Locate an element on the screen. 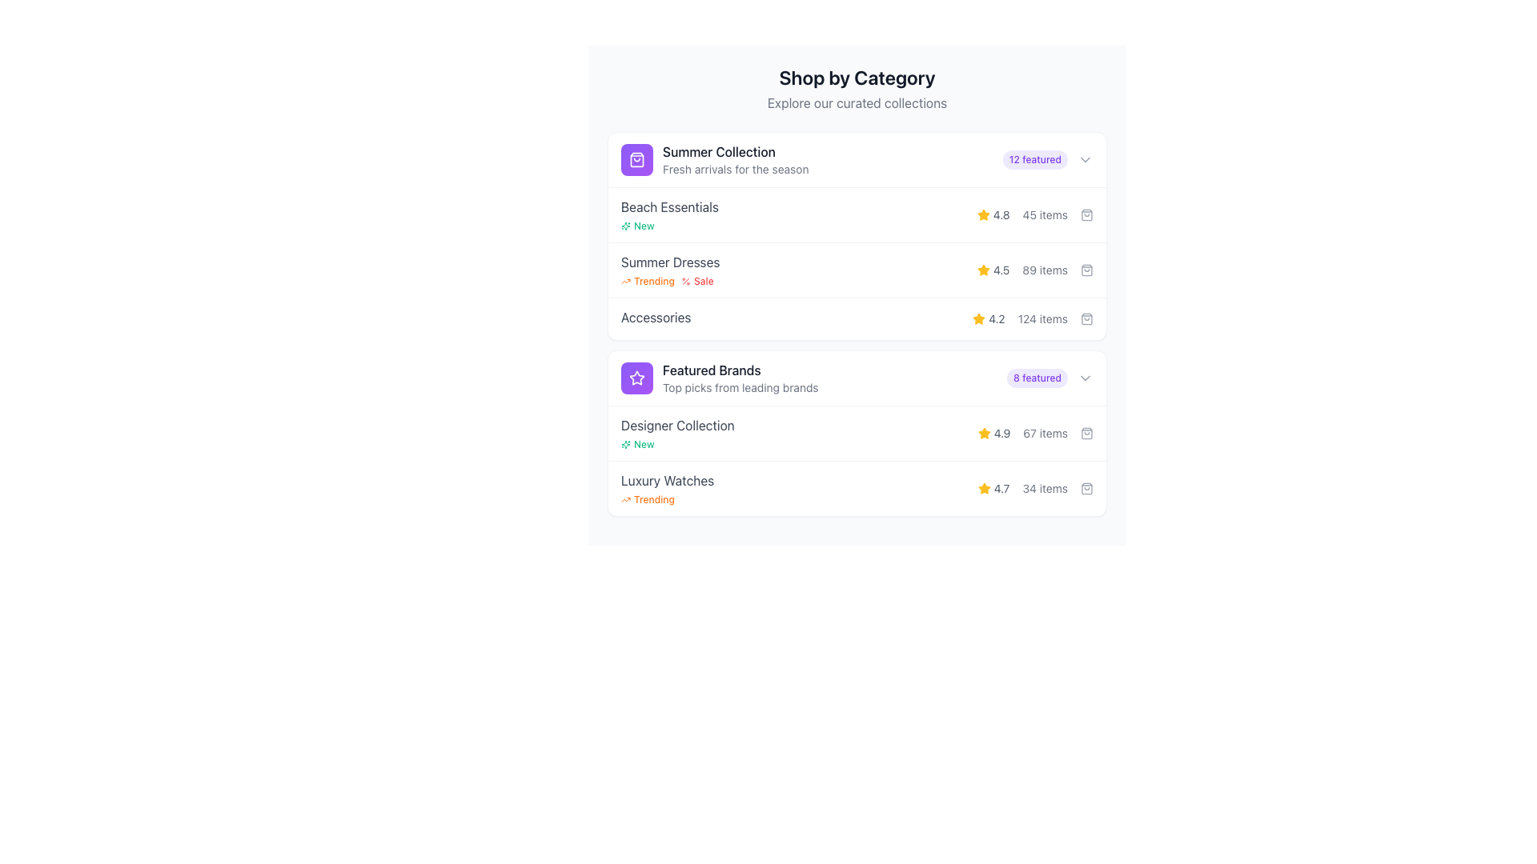 The height and width of the screenshot is (864, 1537). the sparkle icon that highlights the label 'New', located to the left of the text within the 'Beach Essentials' section of 'Shop by Category' is located at coordinates (625, 444).